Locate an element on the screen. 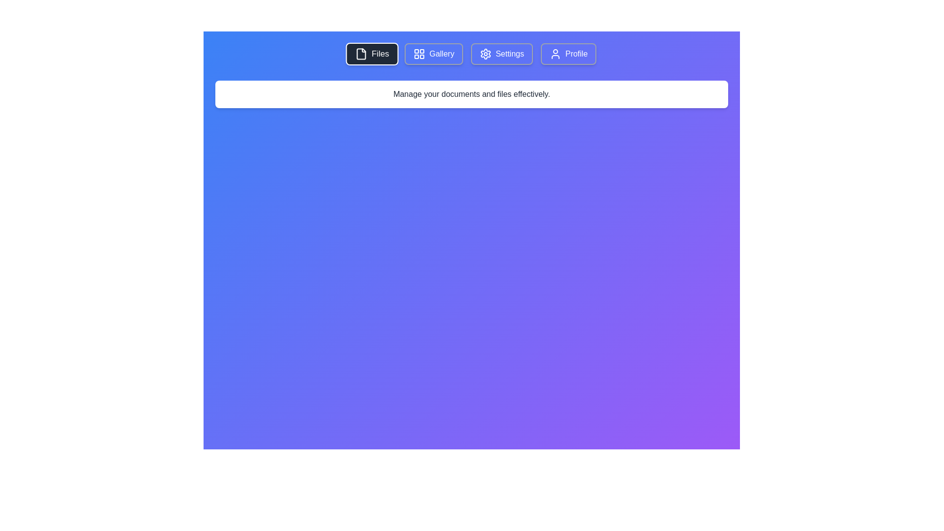 This screenshot has height=531, width=944. the 'Settings' button with a gear icon located in the navigation bar is located at coordinates (502, 54).